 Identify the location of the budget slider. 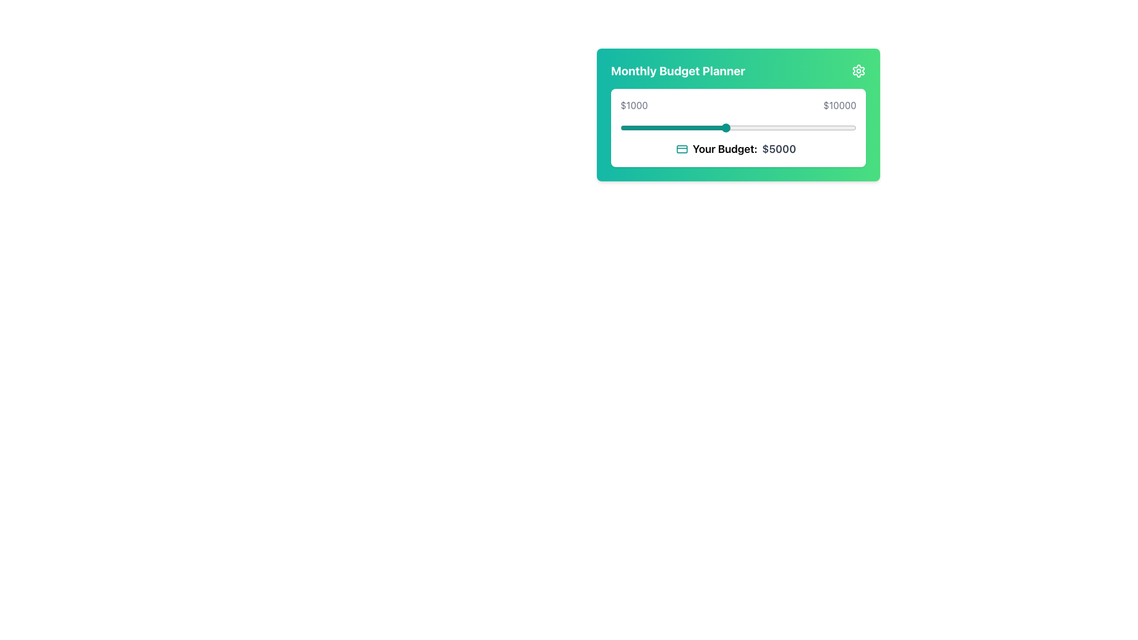
(728, 128).